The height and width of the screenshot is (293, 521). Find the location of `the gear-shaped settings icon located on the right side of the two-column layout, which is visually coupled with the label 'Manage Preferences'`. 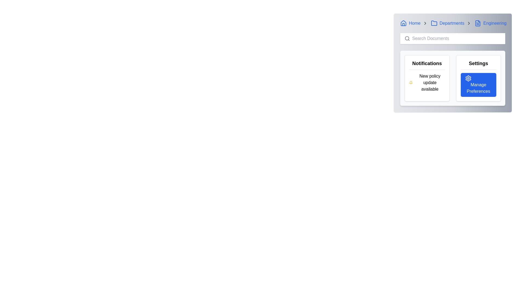

the gear-shaped settings icon located on the right side of the two-column layout, which is visually coupled with the label 'Manage Preferences' is located at coordinates (468, 78).